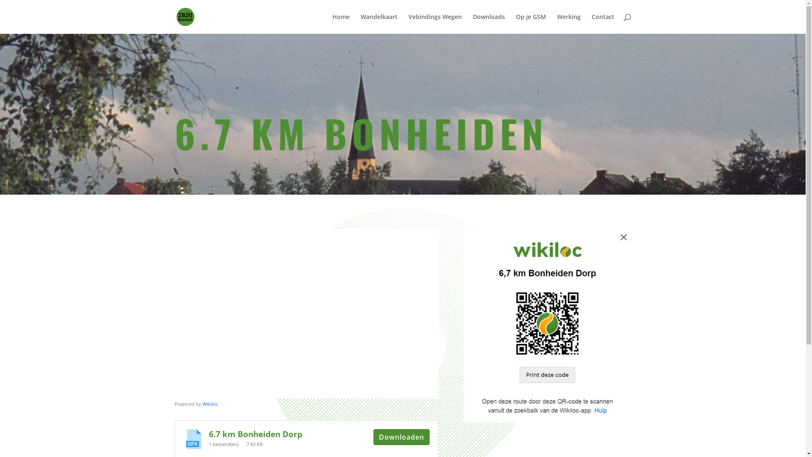 The width and height of the screenshot is (812, 457). I want to click on 'Wandelkaart', so click(378, 23).